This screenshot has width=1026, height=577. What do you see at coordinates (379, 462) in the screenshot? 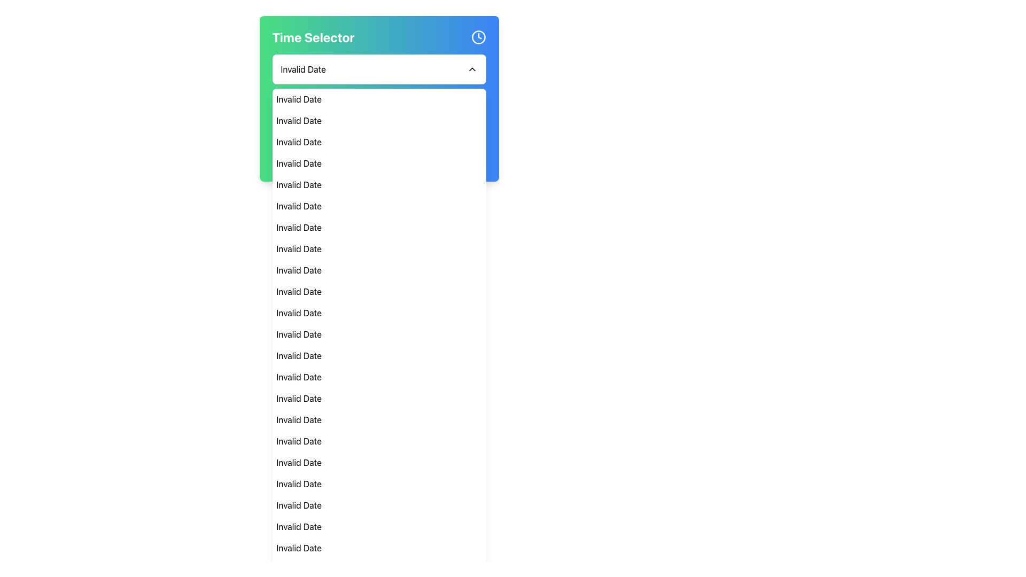
I see `the 18th item in the dropdown list which displays 'Invalid Date' as a placeholder or error` at bounding box center [379, 462].